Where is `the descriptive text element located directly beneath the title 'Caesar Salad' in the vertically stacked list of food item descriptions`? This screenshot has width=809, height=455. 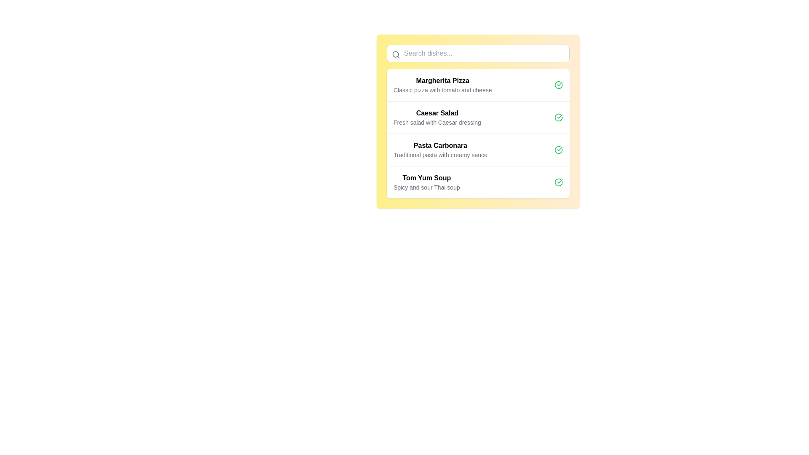 the descriptive text element located directly beneath the title 'Caesar Salad' in the vertically stacked list of food item descriptions is located at coordinates (437, 122).